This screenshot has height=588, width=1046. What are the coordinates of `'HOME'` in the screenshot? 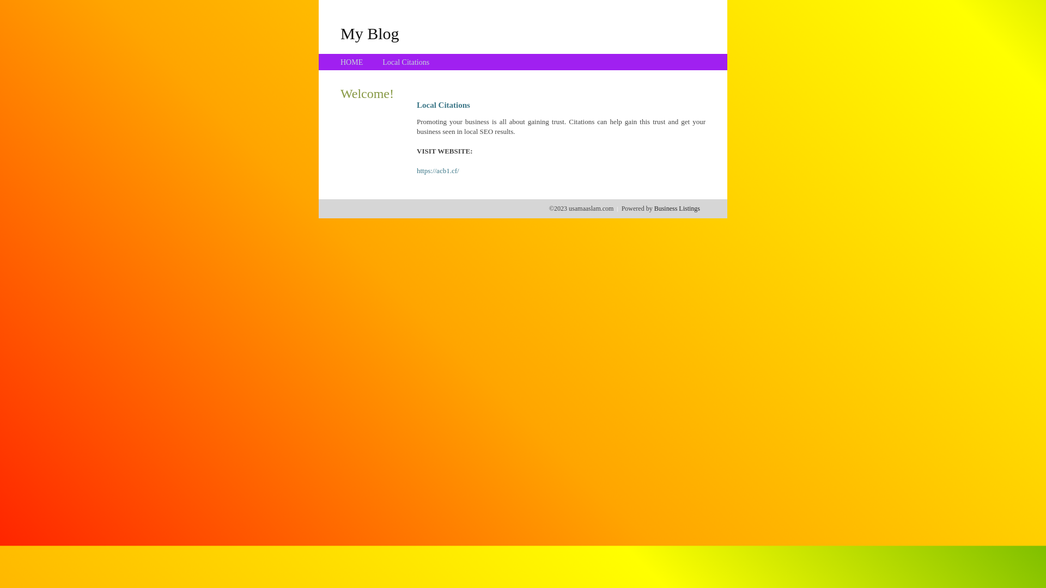 It's located at (351, 62).